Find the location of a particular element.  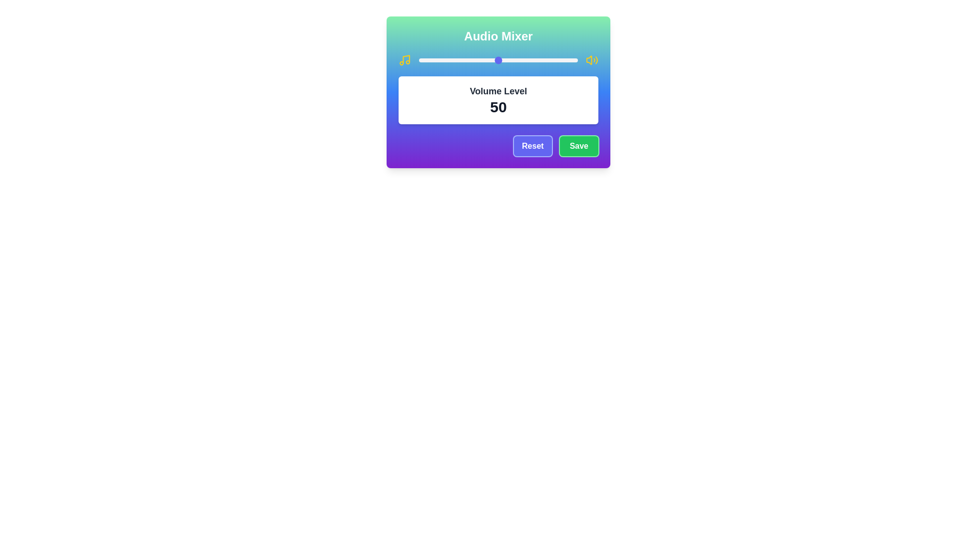

the volume level is located at coordinates (504, 60).